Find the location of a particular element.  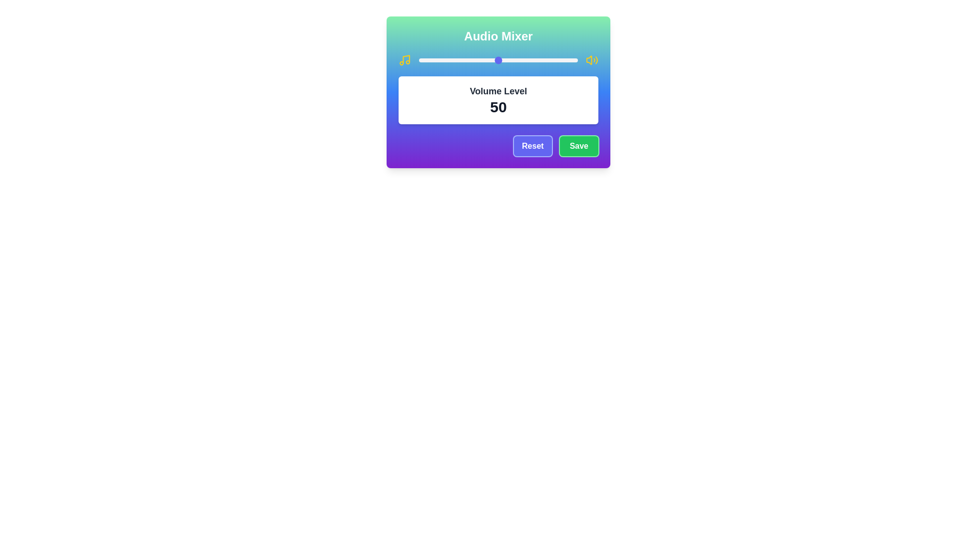

the volume level is located at coordinates (504, 60).